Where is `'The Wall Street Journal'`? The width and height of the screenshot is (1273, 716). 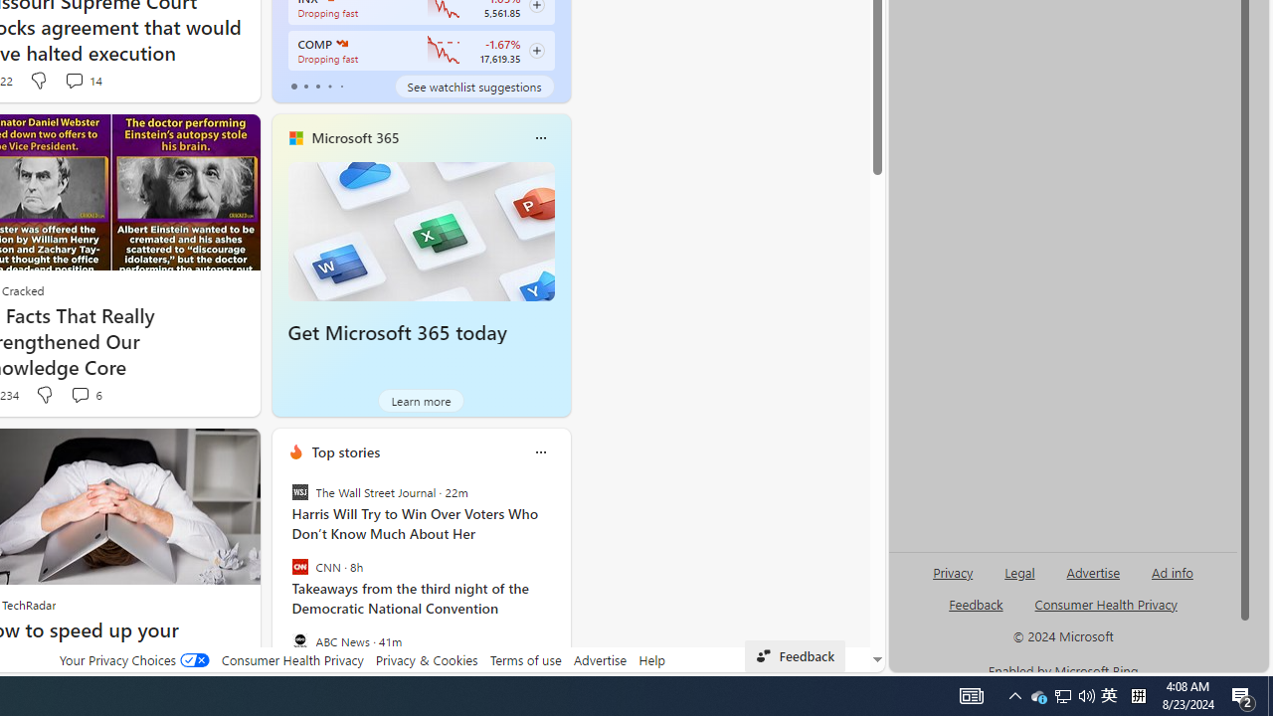 'The Wall Street Journal' is located at coordinates (298, 492).